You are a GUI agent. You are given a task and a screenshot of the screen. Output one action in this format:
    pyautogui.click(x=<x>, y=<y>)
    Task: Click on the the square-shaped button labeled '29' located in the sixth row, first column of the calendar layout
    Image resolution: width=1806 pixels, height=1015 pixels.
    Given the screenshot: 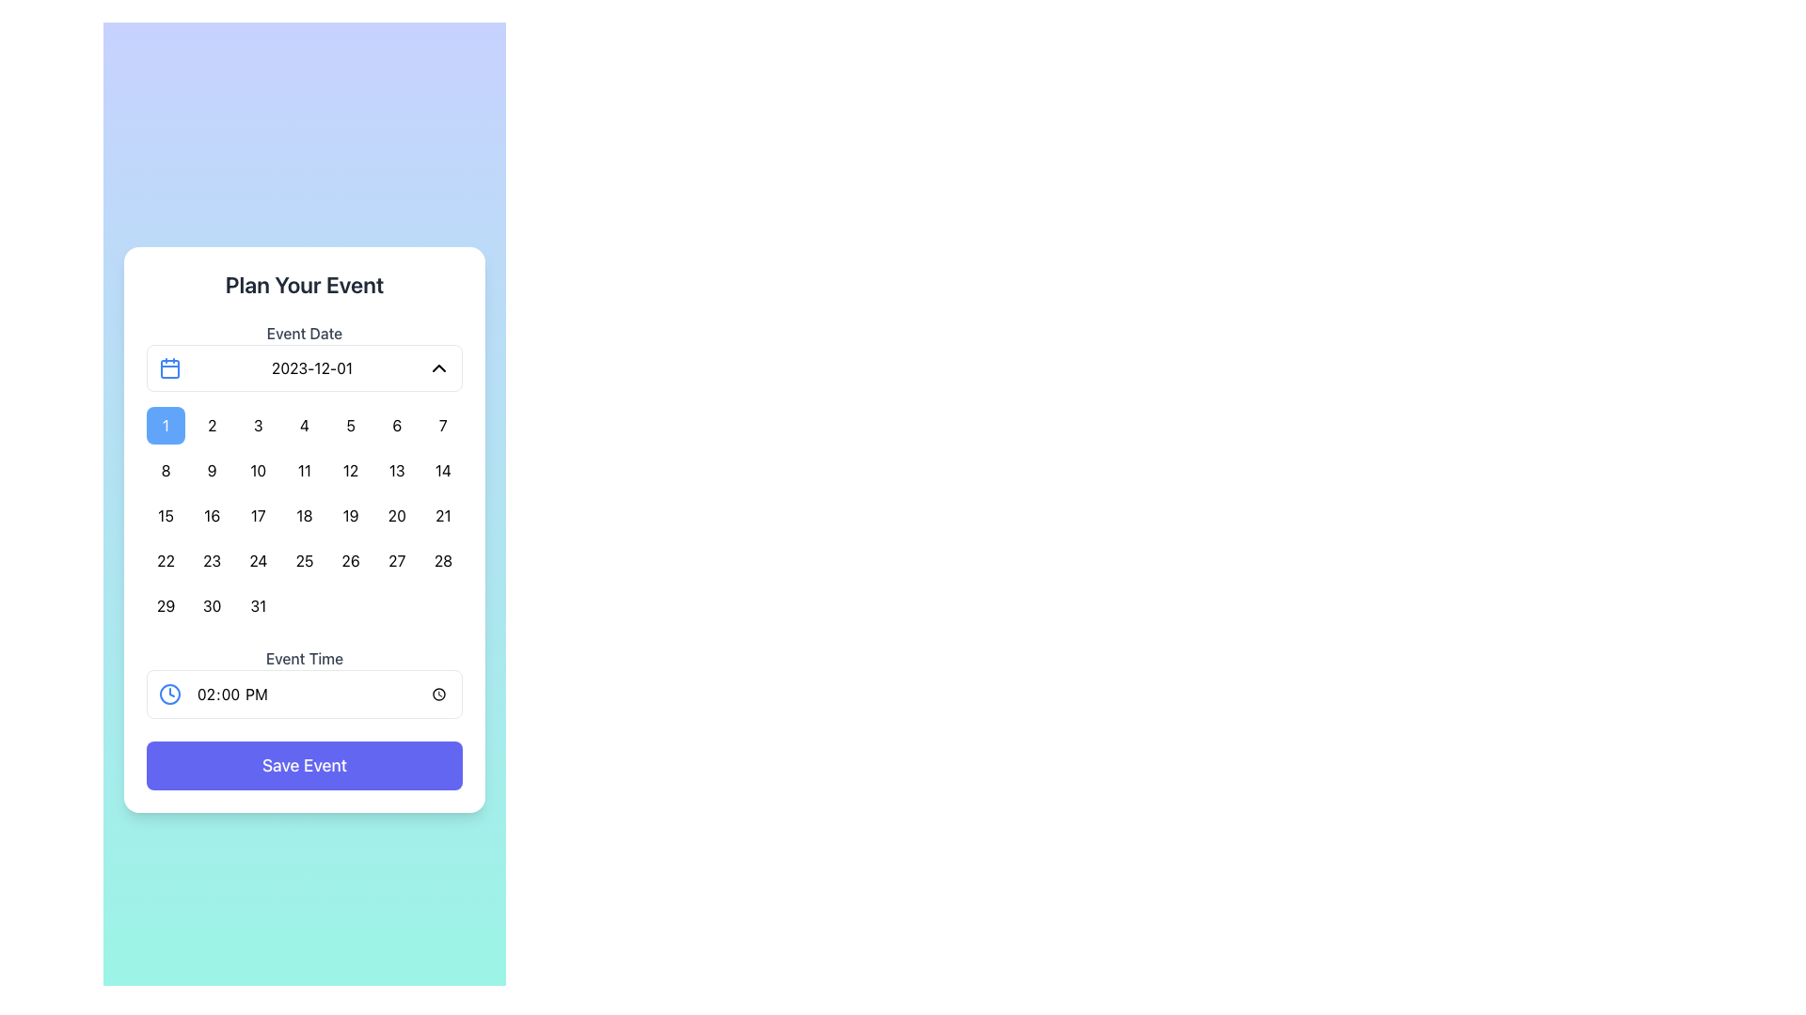 What is the action you would take?
    pyautogui.click(x=166, y=605)
    